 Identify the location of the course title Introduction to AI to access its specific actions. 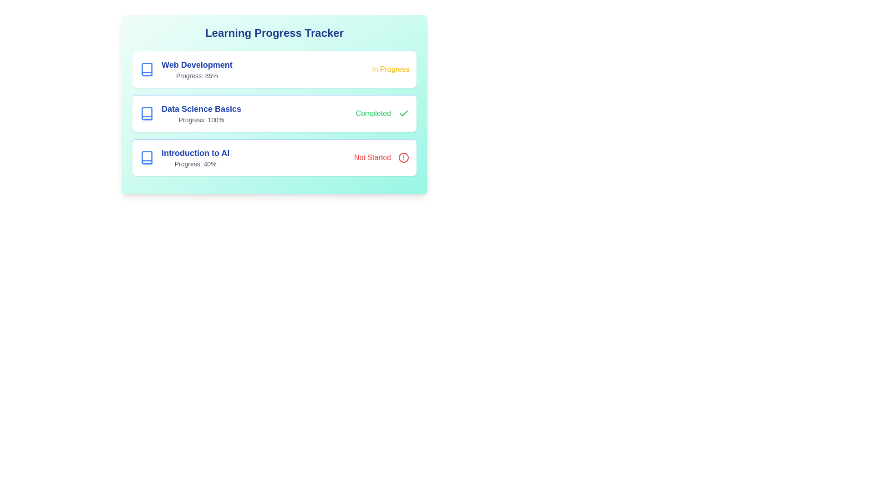
(184, 157).